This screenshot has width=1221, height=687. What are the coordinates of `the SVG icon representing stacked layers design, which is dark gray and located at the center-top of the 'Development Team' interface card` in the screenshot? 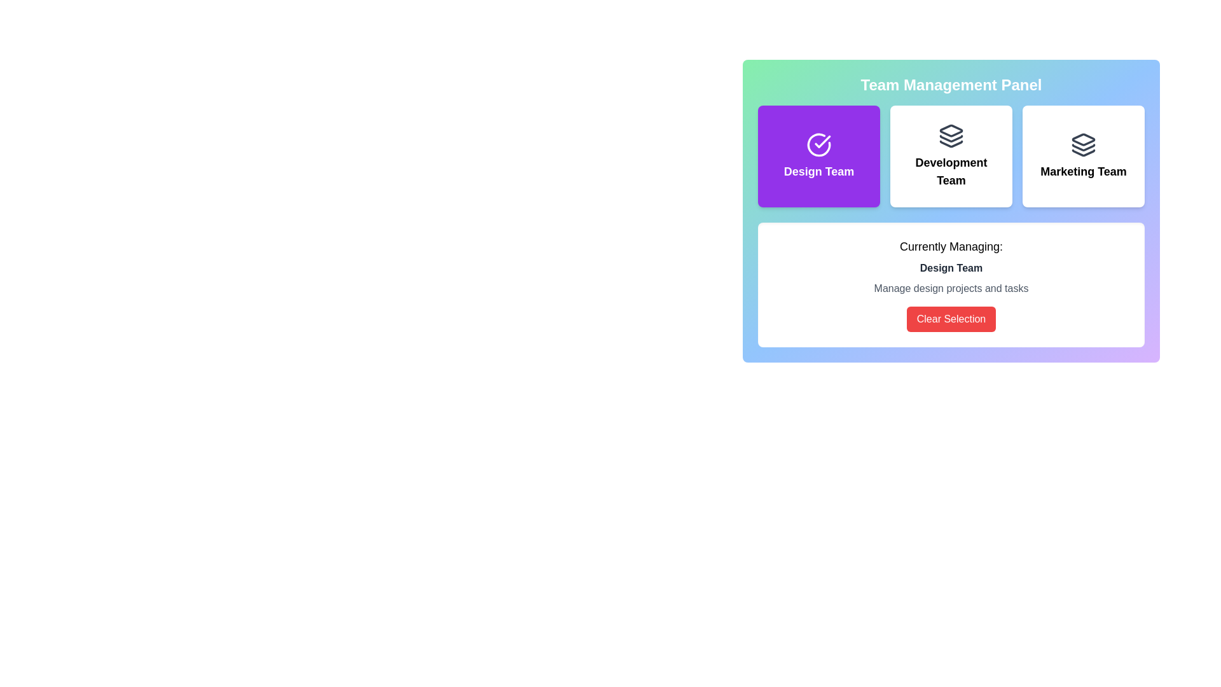 It's located at (951, 135).